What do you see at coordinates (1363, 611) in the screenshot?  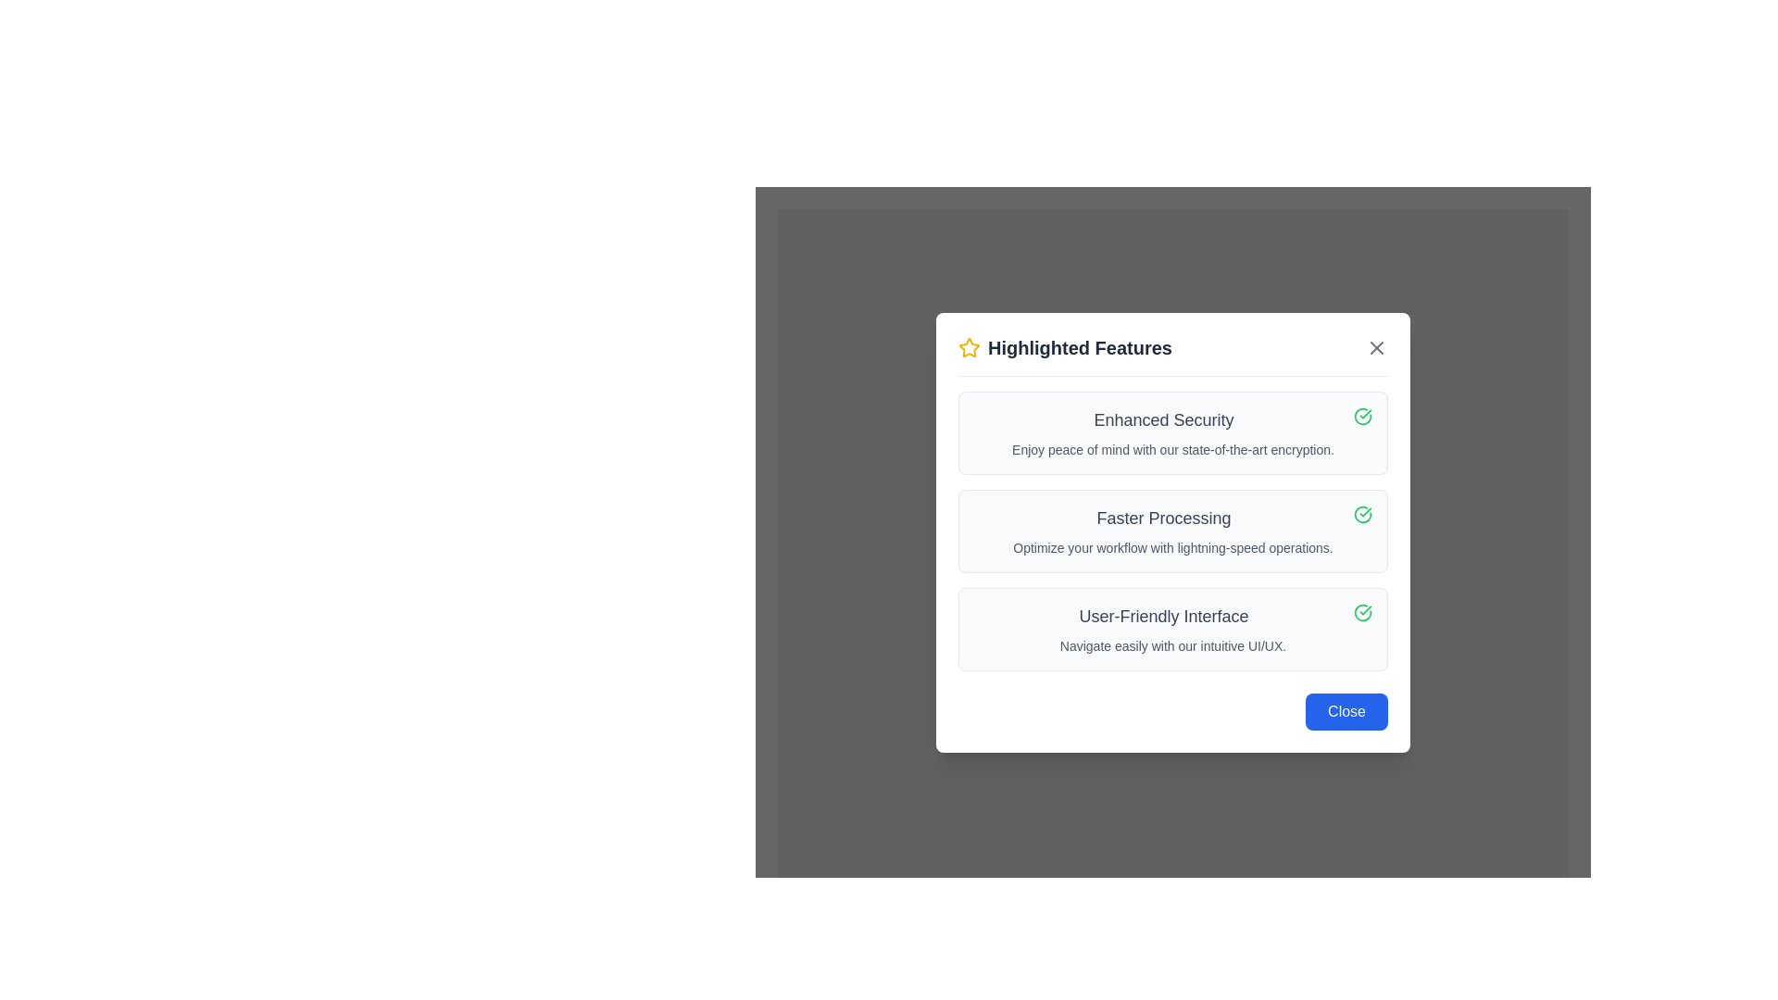 I see `the circular green outlined check icon located in the top-right corner of the 'User-Friendly Interface' section in the 'Highlighted Features' modal` at bounding box center [1363, 611].